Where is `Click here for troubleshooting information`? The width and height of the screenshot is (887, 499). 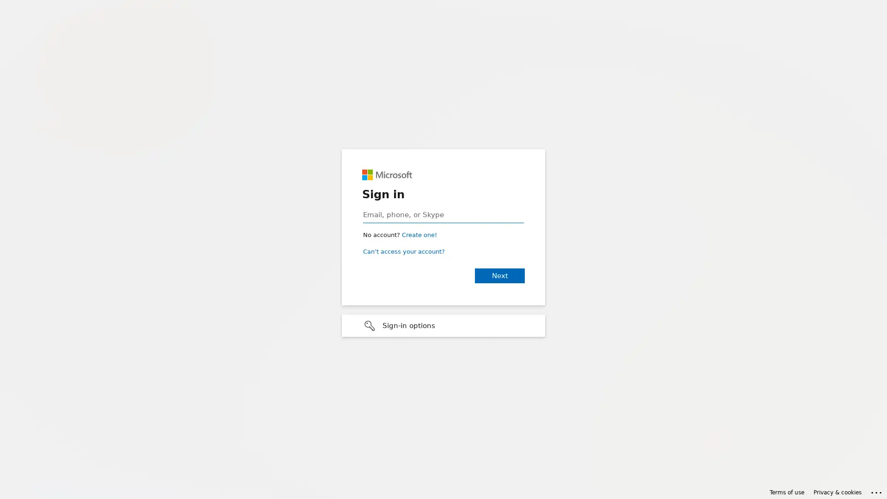 Click here for troubleshooting information is located at coordinates (876, 491).